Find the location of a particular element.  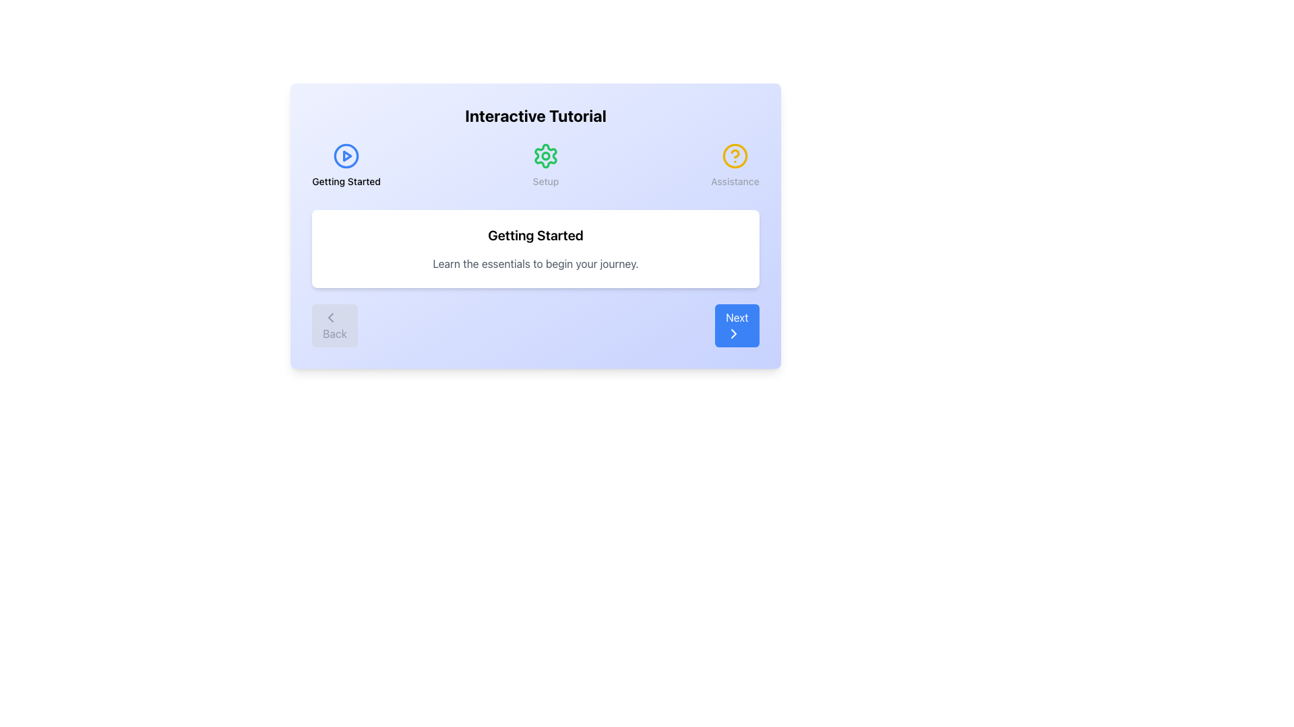

the central circle of the 'Assistance' icon located in the top right corner of the interface, beneath the label 'Assistance' is located at coordinates (734, 155).